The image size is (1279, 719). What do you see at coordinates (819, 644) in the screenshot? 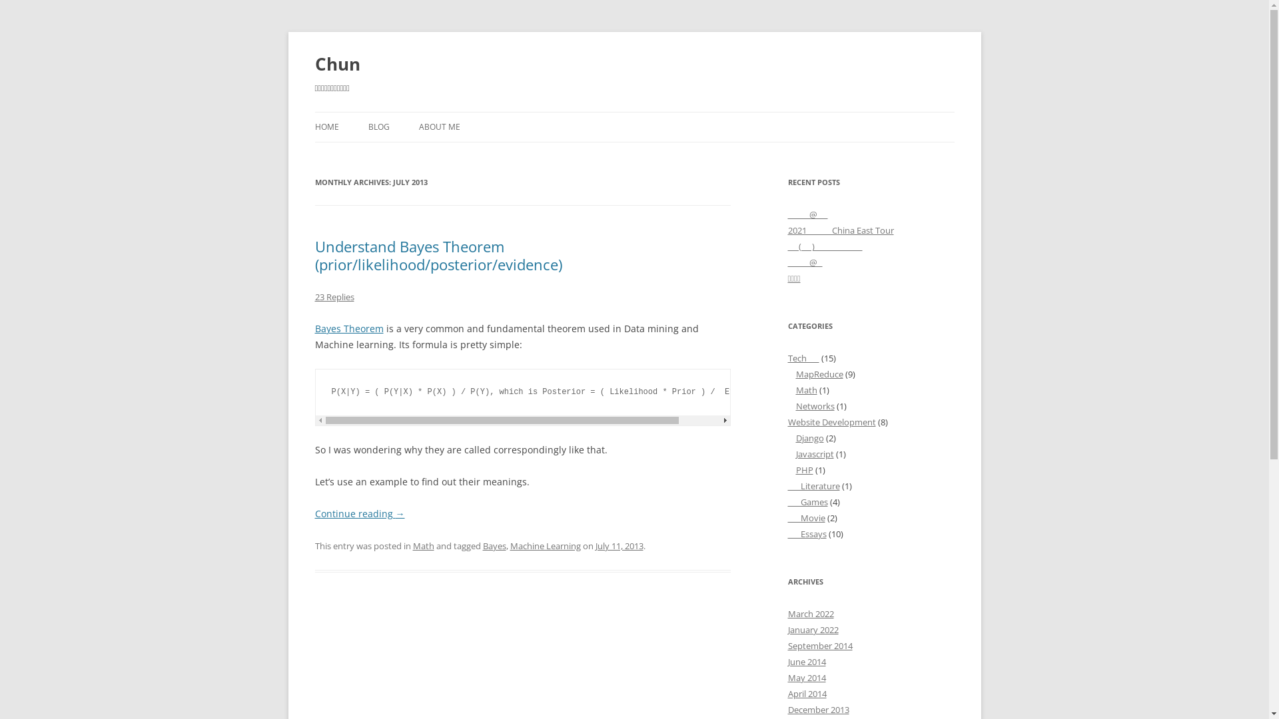
I see `'September 2014'` at bounding box center [819, 644].